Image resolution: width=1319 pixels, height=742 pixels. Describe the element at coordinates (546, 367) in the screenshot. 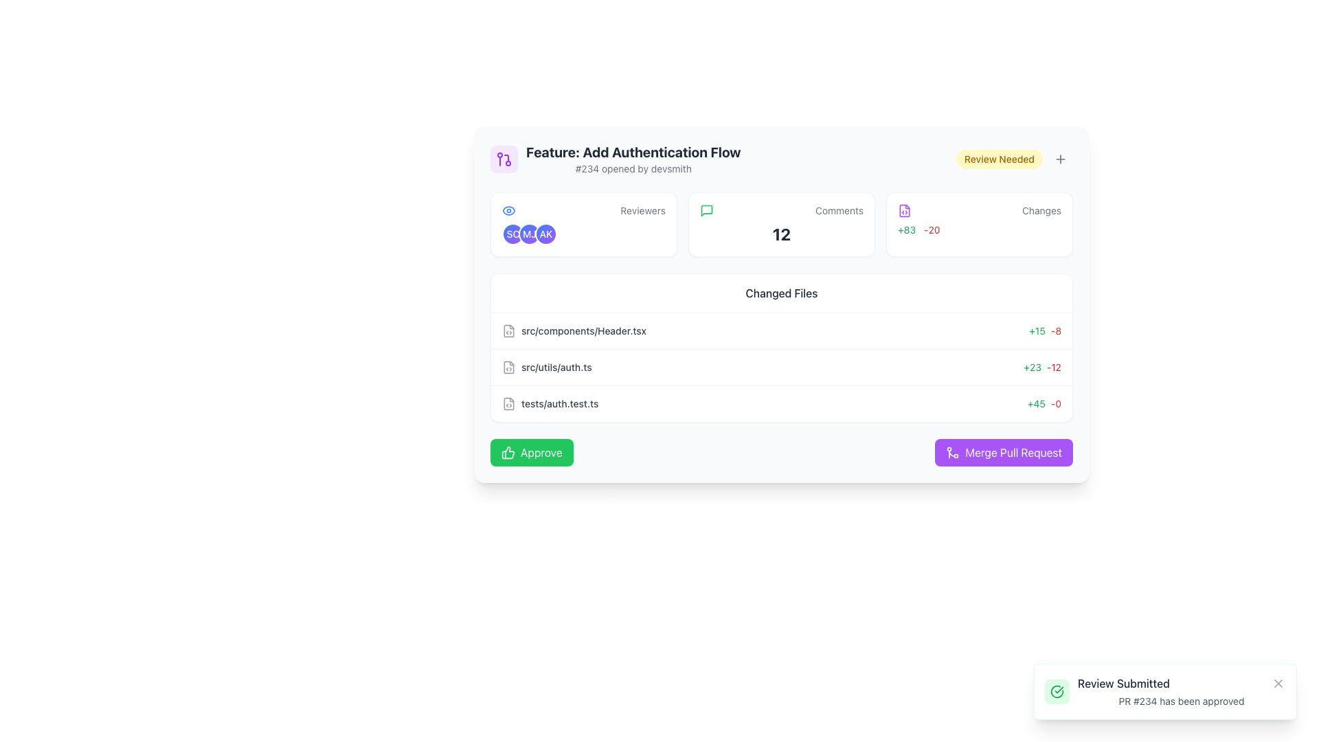

I see `the second list item entry under the 'Changed Files' header` at that location.